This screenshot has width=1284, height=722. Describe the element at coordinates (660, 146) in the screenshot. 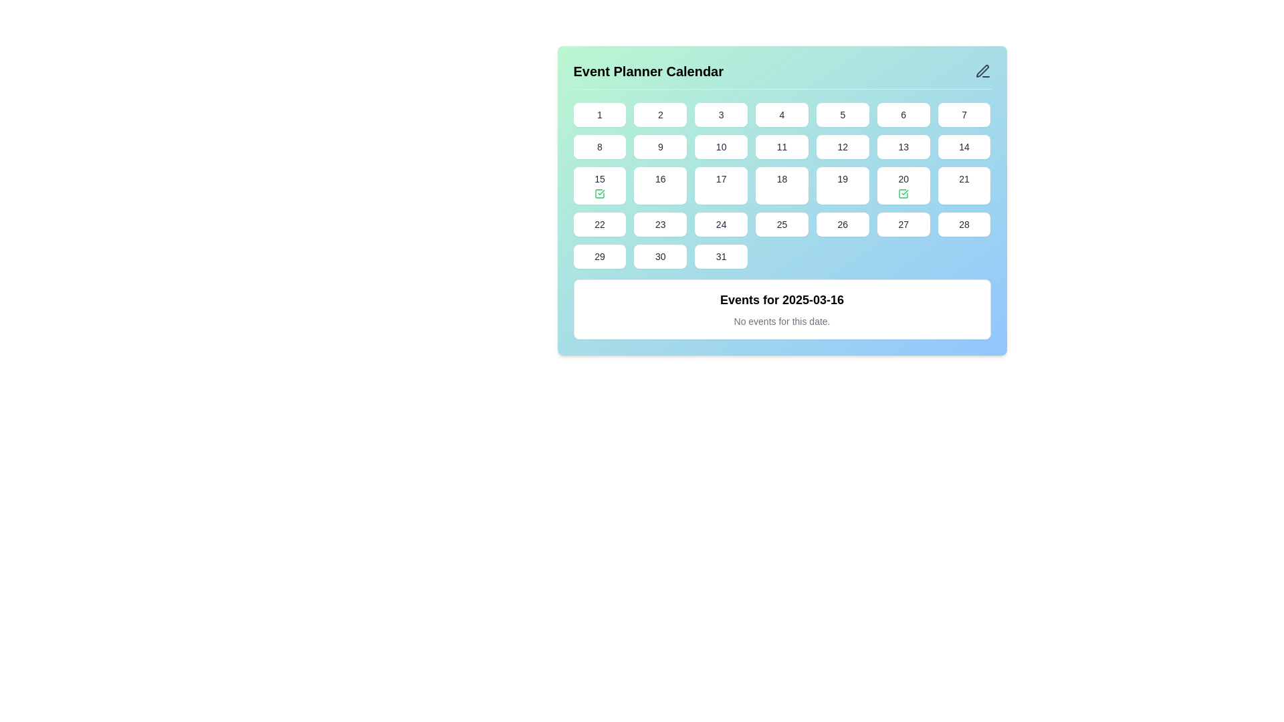

I see `the button displaying the numeral '9' in the second row and third column of the grid layout` at that location.